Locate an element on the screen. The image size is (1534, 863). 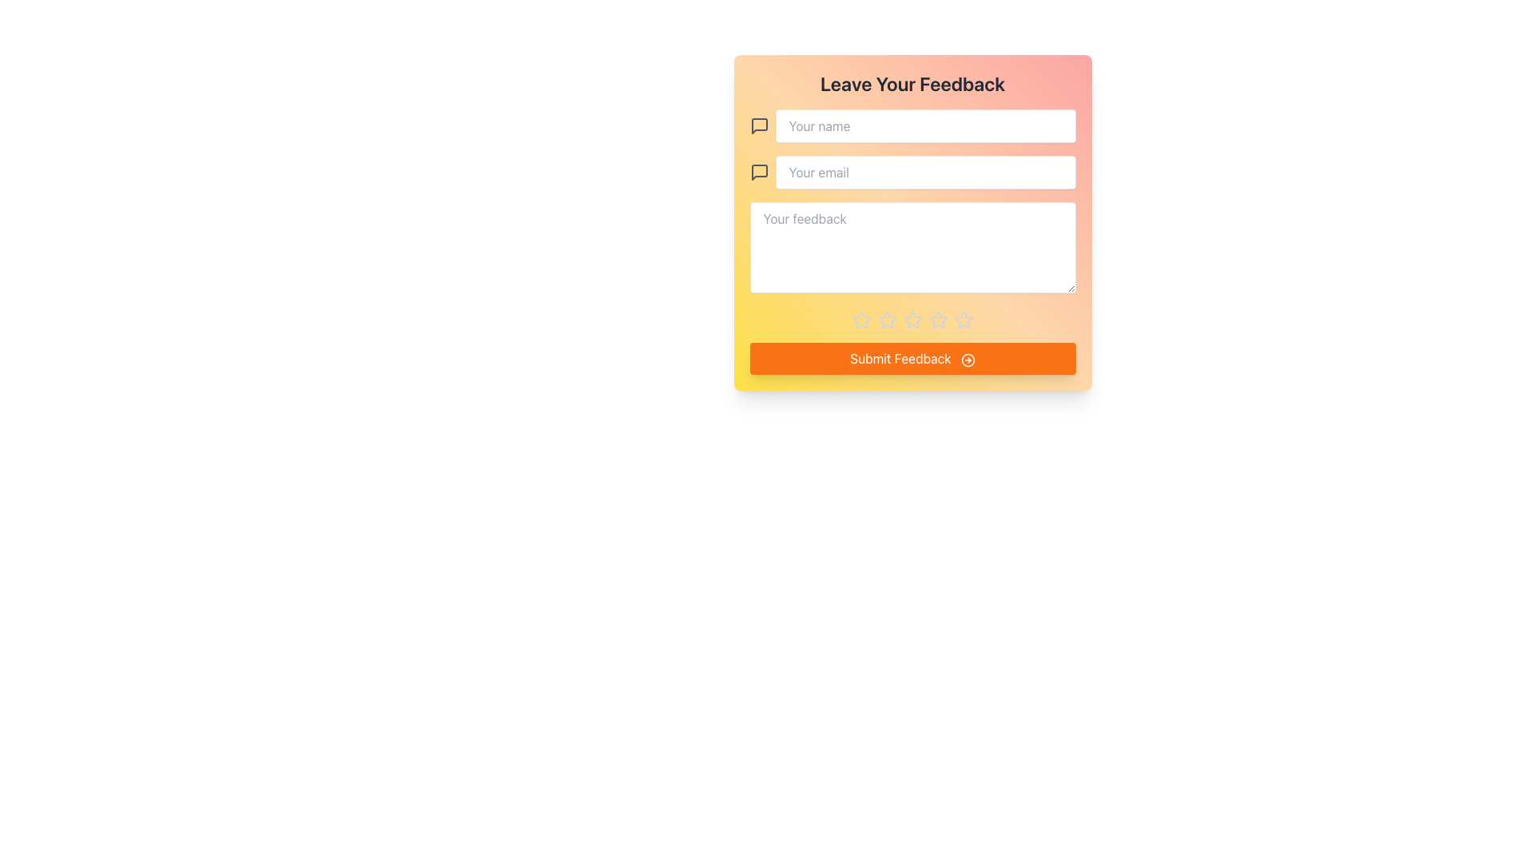
the orange 'Submit Feedback' button with white text and an arrow icon, located at the bottom of the 'Leave Your Feedback' form card, to observe any styling changes is located at coordinates (912, 357).